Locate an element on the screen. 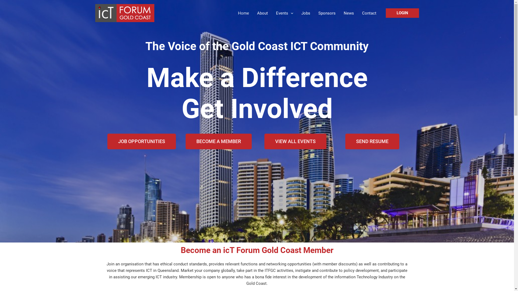 This screenshot has height=291, width=518. 'About' is located at coordinates (263, 13).